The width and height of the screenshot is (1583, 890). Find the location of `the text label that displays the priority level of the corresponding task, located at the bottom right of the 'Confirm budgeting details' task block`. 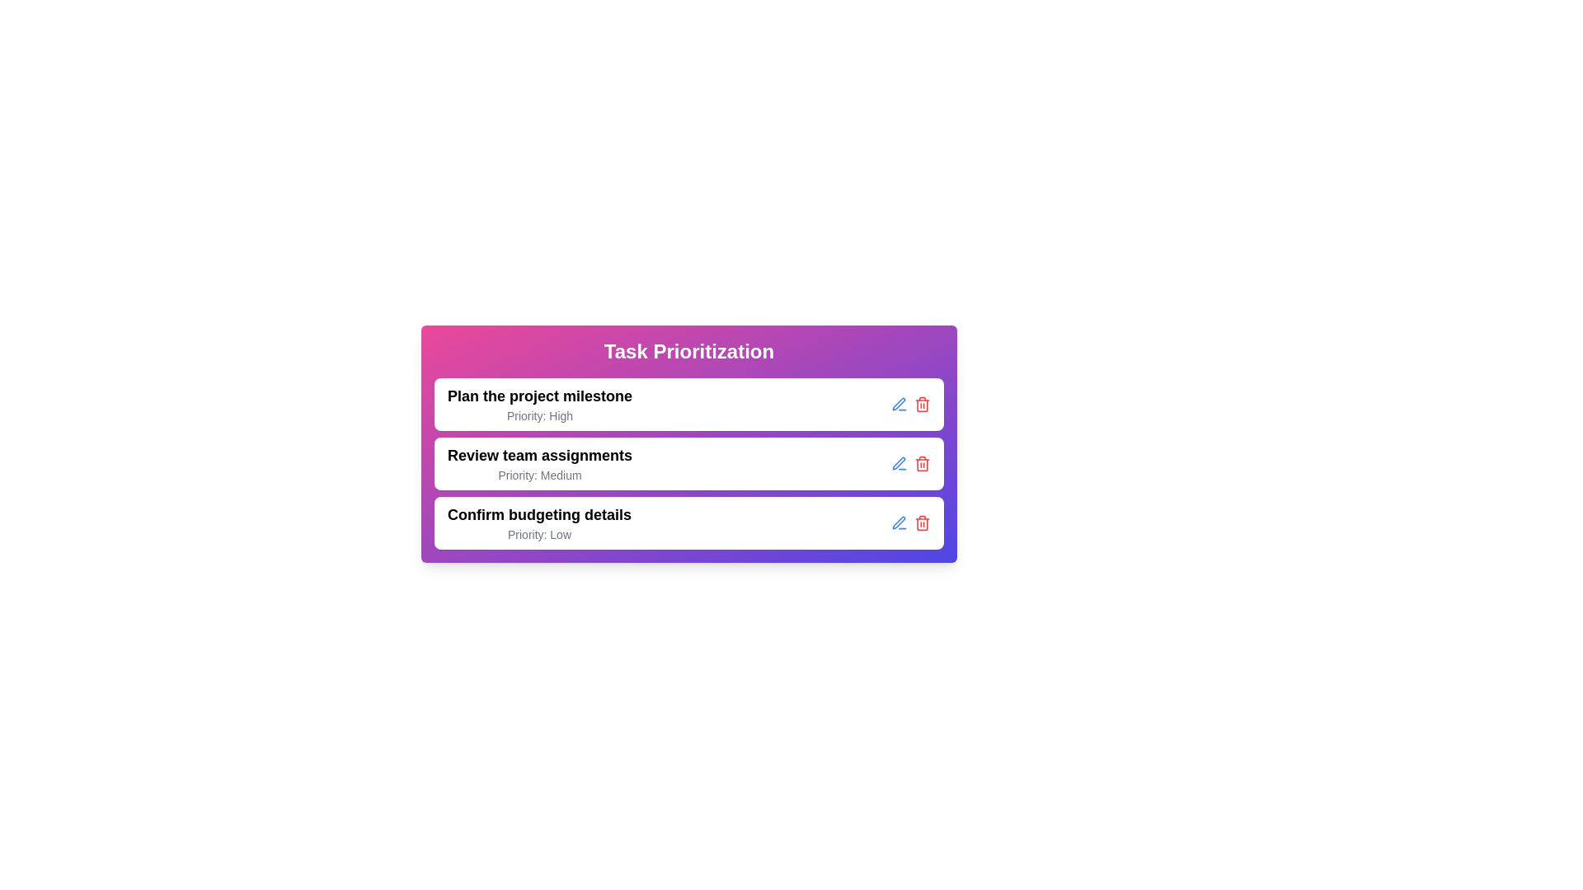

the text label that displays the priority level of the corresponding task, located at the bottom right of the 'Confirm budgeting details' task block is located at coordinates (539, 534).